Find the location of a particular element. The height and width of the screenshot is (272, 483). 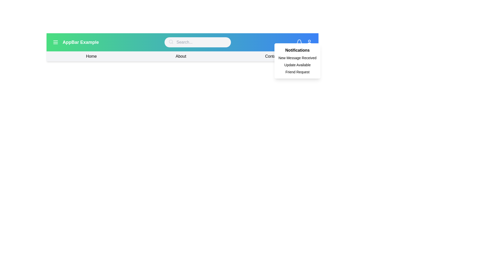

the navigation link About to navigate to the corresponding section is located at coordinates (181, 56).